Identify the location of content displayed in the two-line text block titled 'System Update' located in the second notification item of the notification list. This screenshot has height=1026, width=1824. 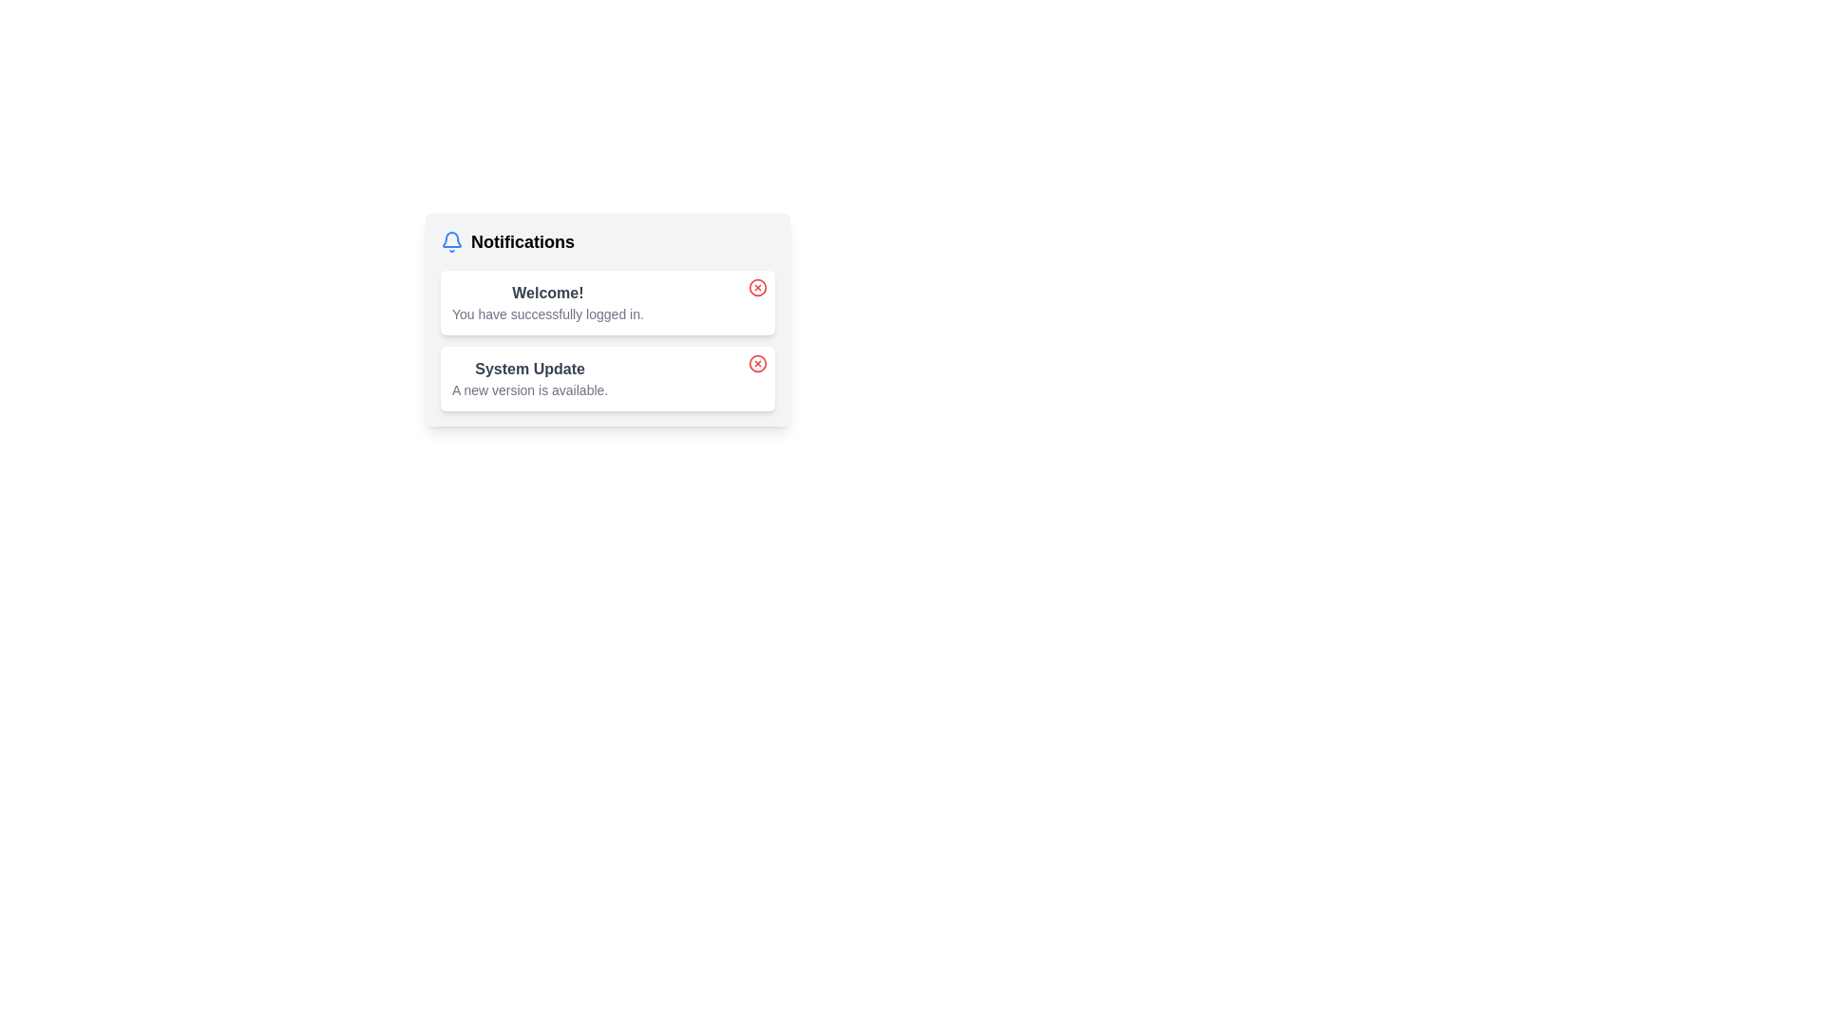
(530, 378).